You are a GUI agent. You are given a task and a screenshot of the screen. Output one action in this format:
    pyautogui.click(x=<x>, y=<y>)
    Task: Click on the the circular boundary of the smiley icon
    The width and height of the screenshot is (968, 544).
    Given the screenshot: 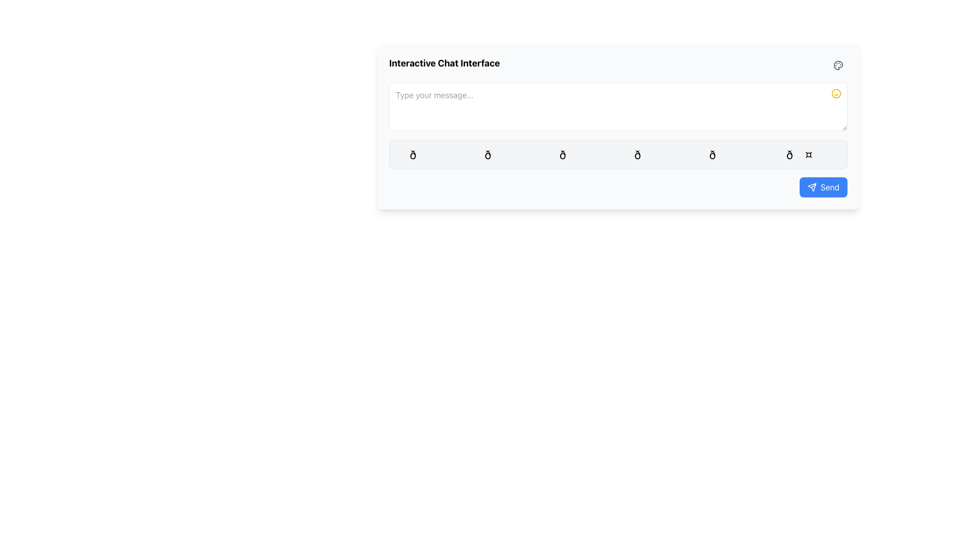 What is the action you would take?
    pyautogui.click(x=836, y=93)
    